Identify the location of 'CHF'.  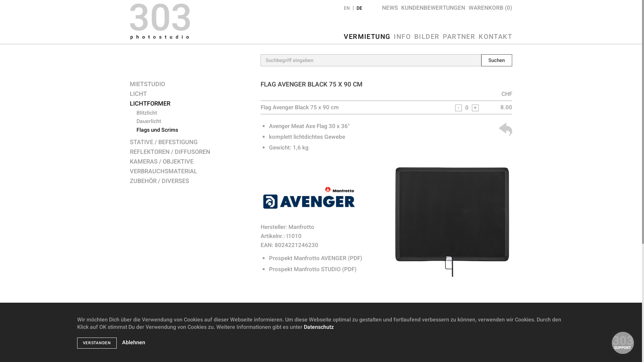
(507, 94).